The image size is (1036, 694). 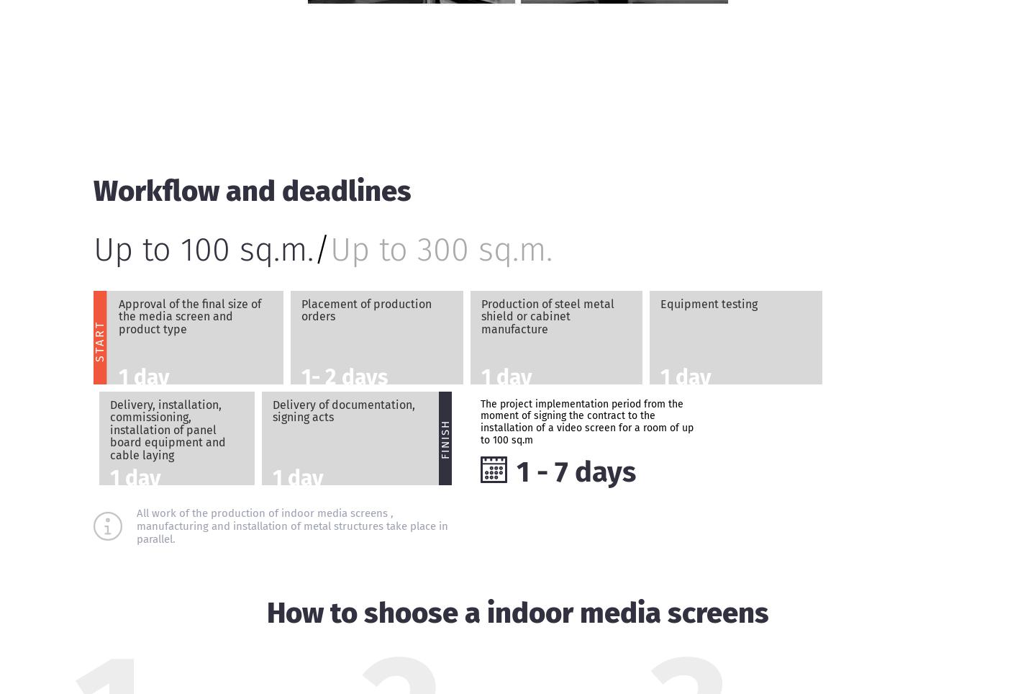 I want to click on 'Up to 100 sq.m.', so click(x=202, y=248).